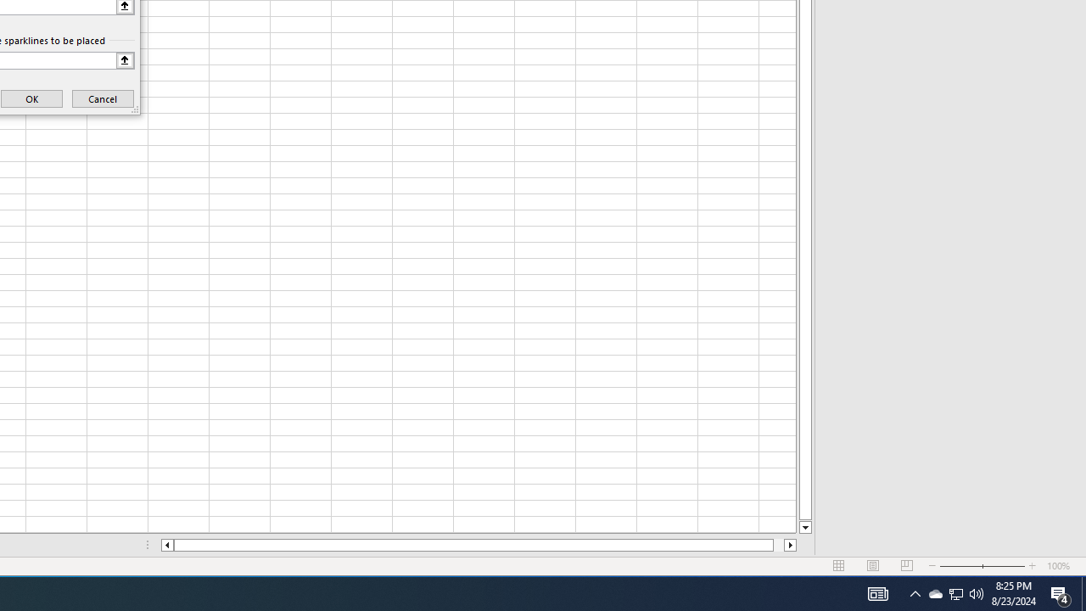 Image resolution: width=1086 pixels, height=611 pixels. What do you see at coordinates (478, 545) in the screenshot?
I see `'Class: NetUIScrollBar'` at bounding box center [478, 545].